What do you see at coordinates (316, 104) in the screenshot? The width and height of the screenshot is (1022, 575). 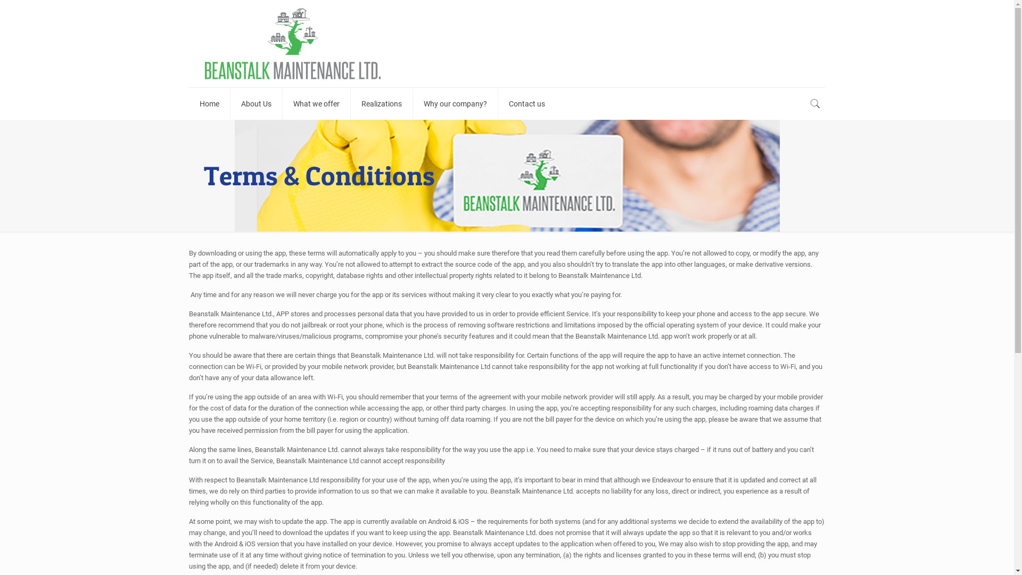 I see `'What we offer'` at bounding box center [316, 104].